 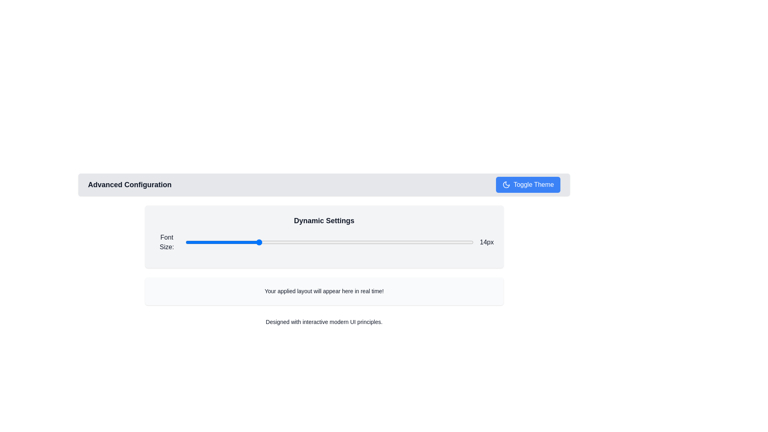 What do you see at coordinates (324, 322) in the screenshot?
I see `static text element that displays 'Designed with interactive modern UI principles.' positioned at the bottom of the visible interface` at bounding box center [324, 322].